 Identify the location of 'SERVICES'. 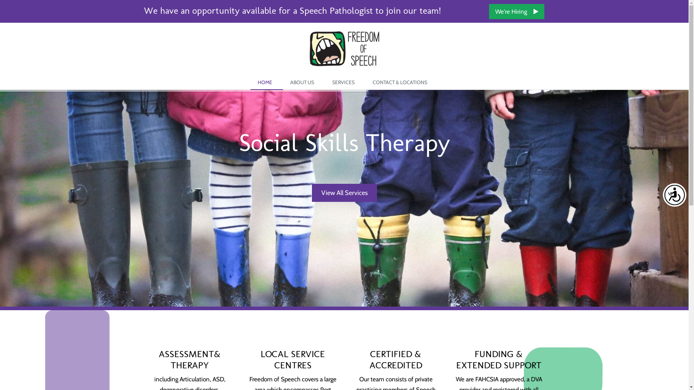
(345, 82).